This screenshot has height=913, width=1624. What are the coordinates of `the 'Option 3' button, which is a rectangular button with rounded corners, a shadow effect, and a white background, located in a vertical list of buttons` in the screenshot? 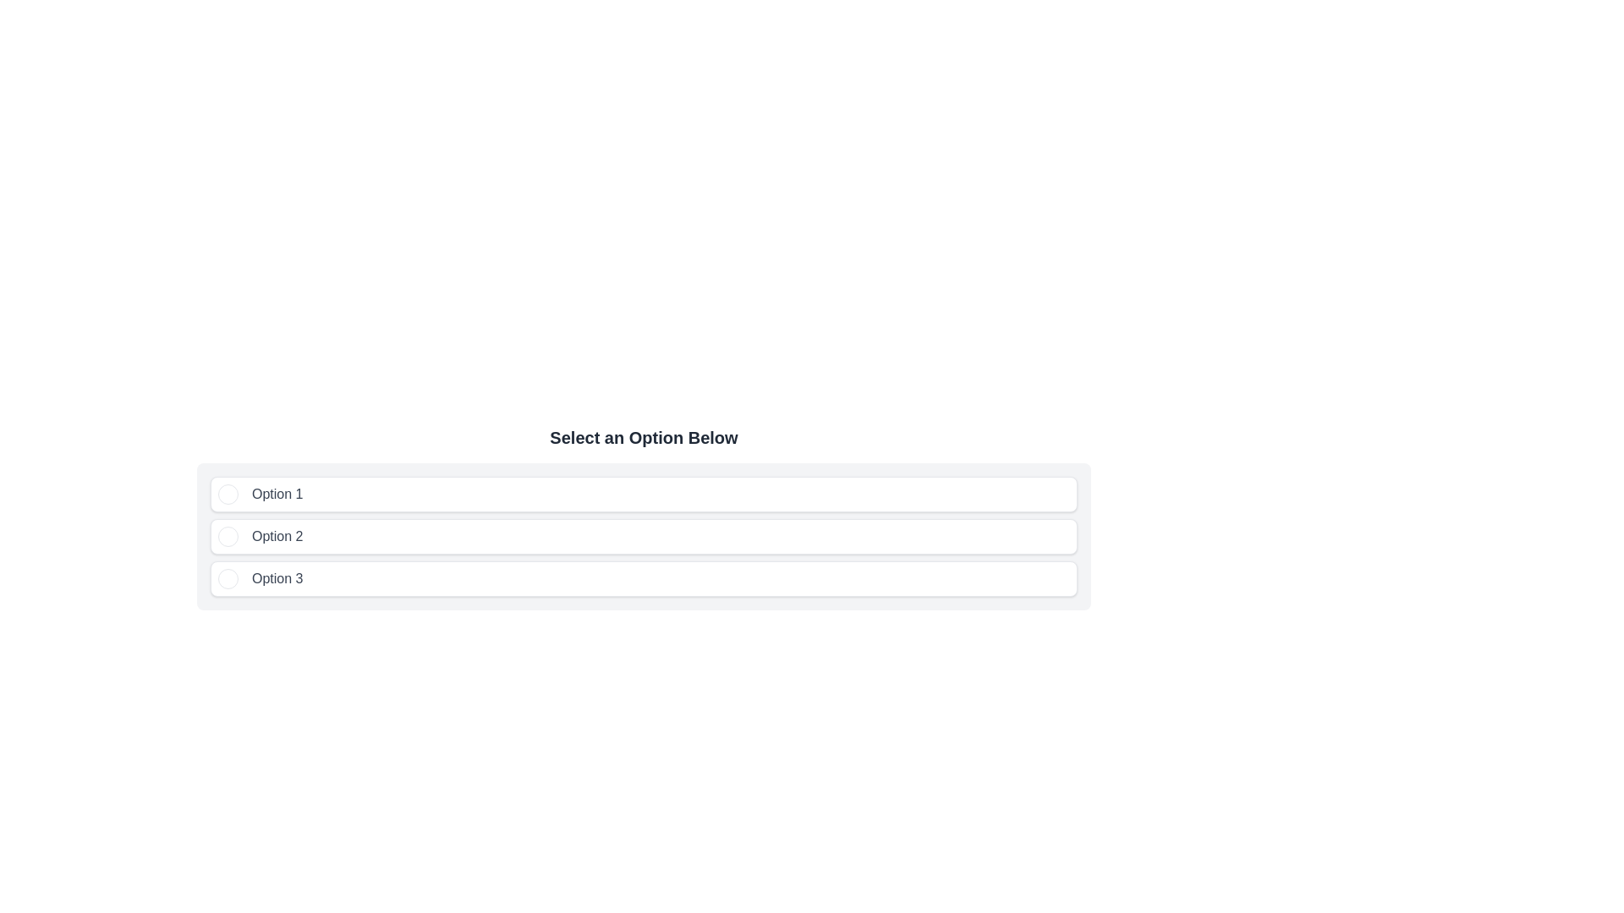 It's located at (643, 578).